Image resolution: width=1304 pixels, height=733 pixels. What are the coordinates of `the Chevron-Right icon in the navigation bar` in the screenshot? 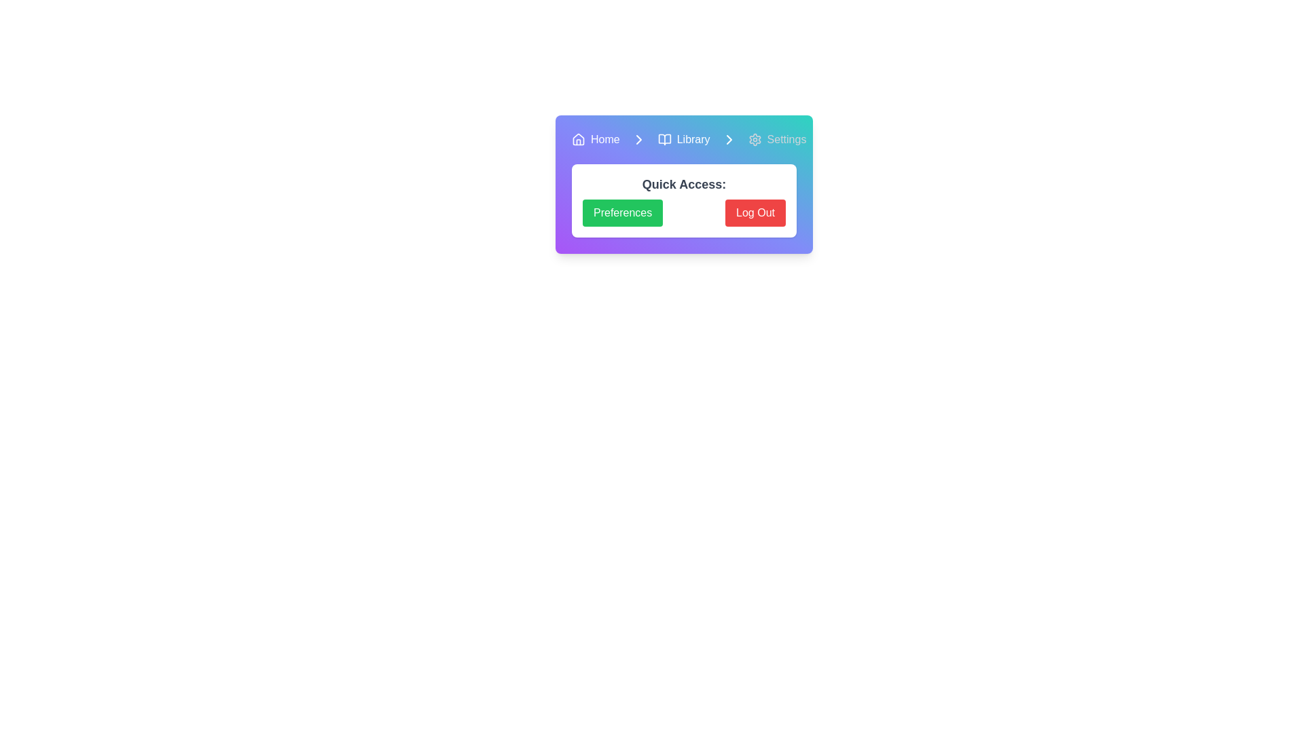 It's located at (728, 139).